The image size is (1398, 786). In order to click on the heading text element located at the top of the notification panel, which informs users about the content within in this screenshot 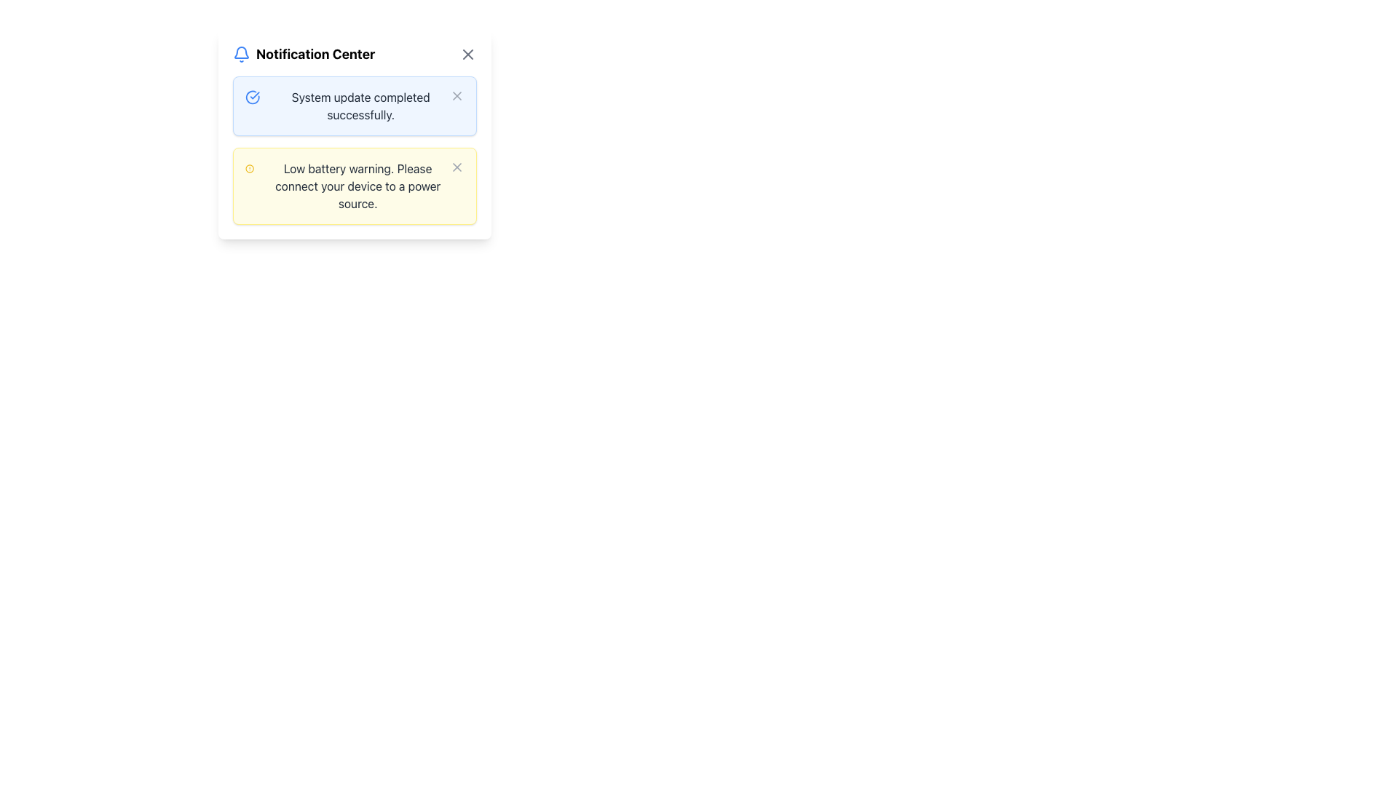, I will do `click(315, 53)`.